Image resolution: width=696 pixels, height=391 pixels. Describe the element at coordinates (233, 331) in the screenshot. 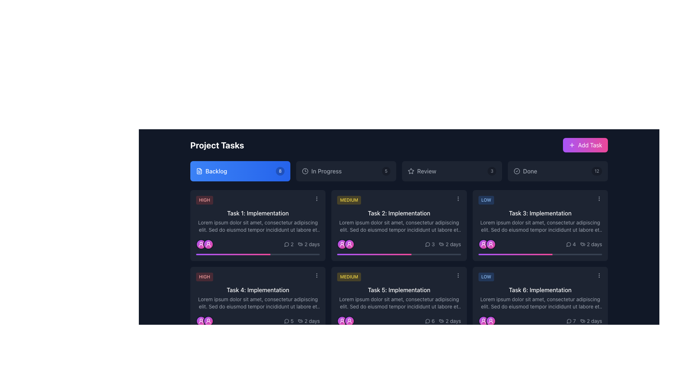

I see `the filled segment of the Progress bar located at the bottom section of the task card, indicating task progress` at that location.